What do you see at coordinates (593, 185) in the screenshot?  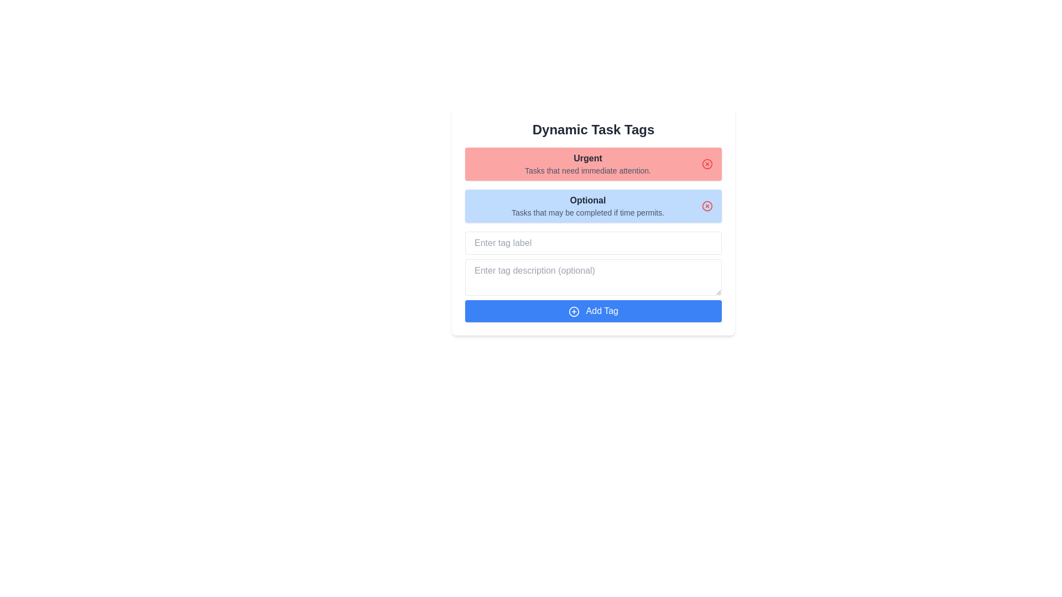 I see `the Panel grouping tasks by priority, which consists of a red section labeled 'Urgent' and a blue section labeled 'Optional', located centrally under the title 'Dynamic Task Tags'` at bounding box center [593, 185].